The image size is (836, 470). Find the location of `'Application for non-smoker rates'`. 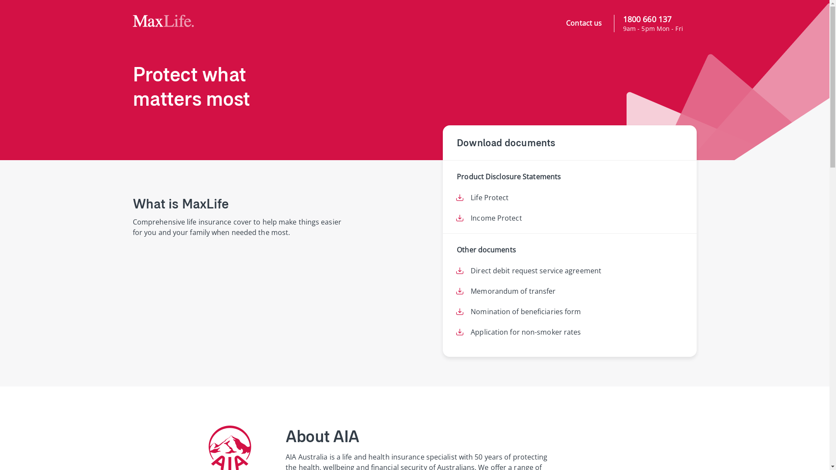

'Application for non-smoker rates' is located at coordinates (525, 332).